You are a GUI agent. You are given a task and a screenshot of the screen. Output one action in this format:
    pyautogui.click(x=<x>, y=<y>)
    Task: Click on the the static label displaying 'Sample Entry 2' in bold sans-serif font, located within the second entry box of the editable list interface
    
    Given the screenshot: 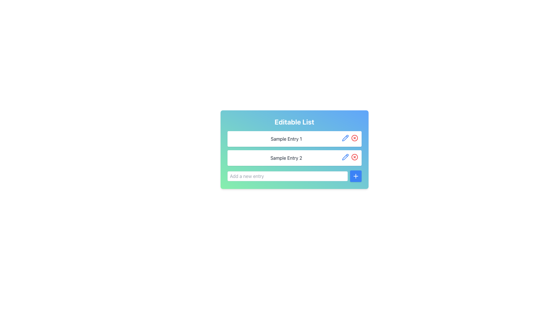 What is the action you would take?
    pyautogui.click(x=286, y=158)
    